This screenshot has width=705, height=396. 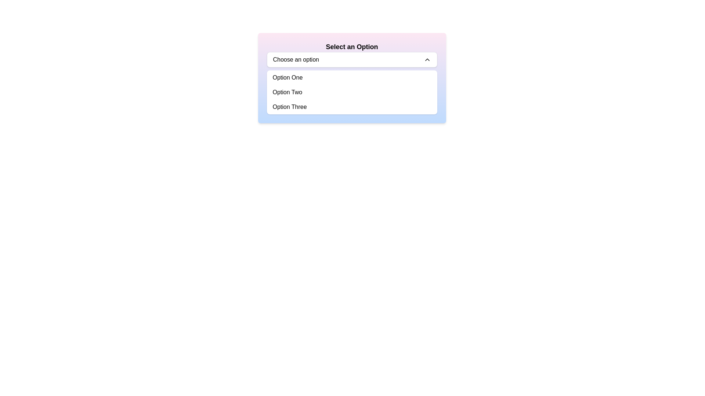 What do you see at coordinates (287, 92) in the screenshot?
I see `the second option in the dropdown menu, labeled 'Option Two'` at bounding box center [287, 92].